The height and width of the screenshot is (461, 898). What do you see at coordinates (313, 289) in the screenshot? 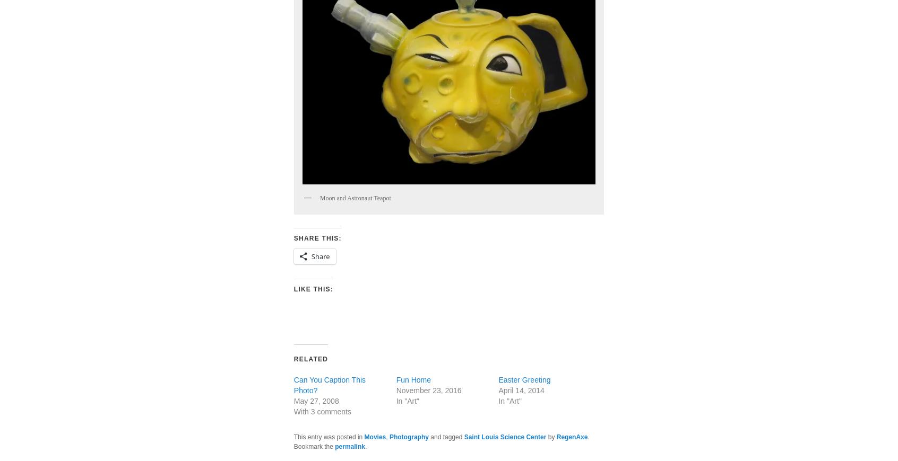
I see `'Like this:'` at bounding box center [313, 289].